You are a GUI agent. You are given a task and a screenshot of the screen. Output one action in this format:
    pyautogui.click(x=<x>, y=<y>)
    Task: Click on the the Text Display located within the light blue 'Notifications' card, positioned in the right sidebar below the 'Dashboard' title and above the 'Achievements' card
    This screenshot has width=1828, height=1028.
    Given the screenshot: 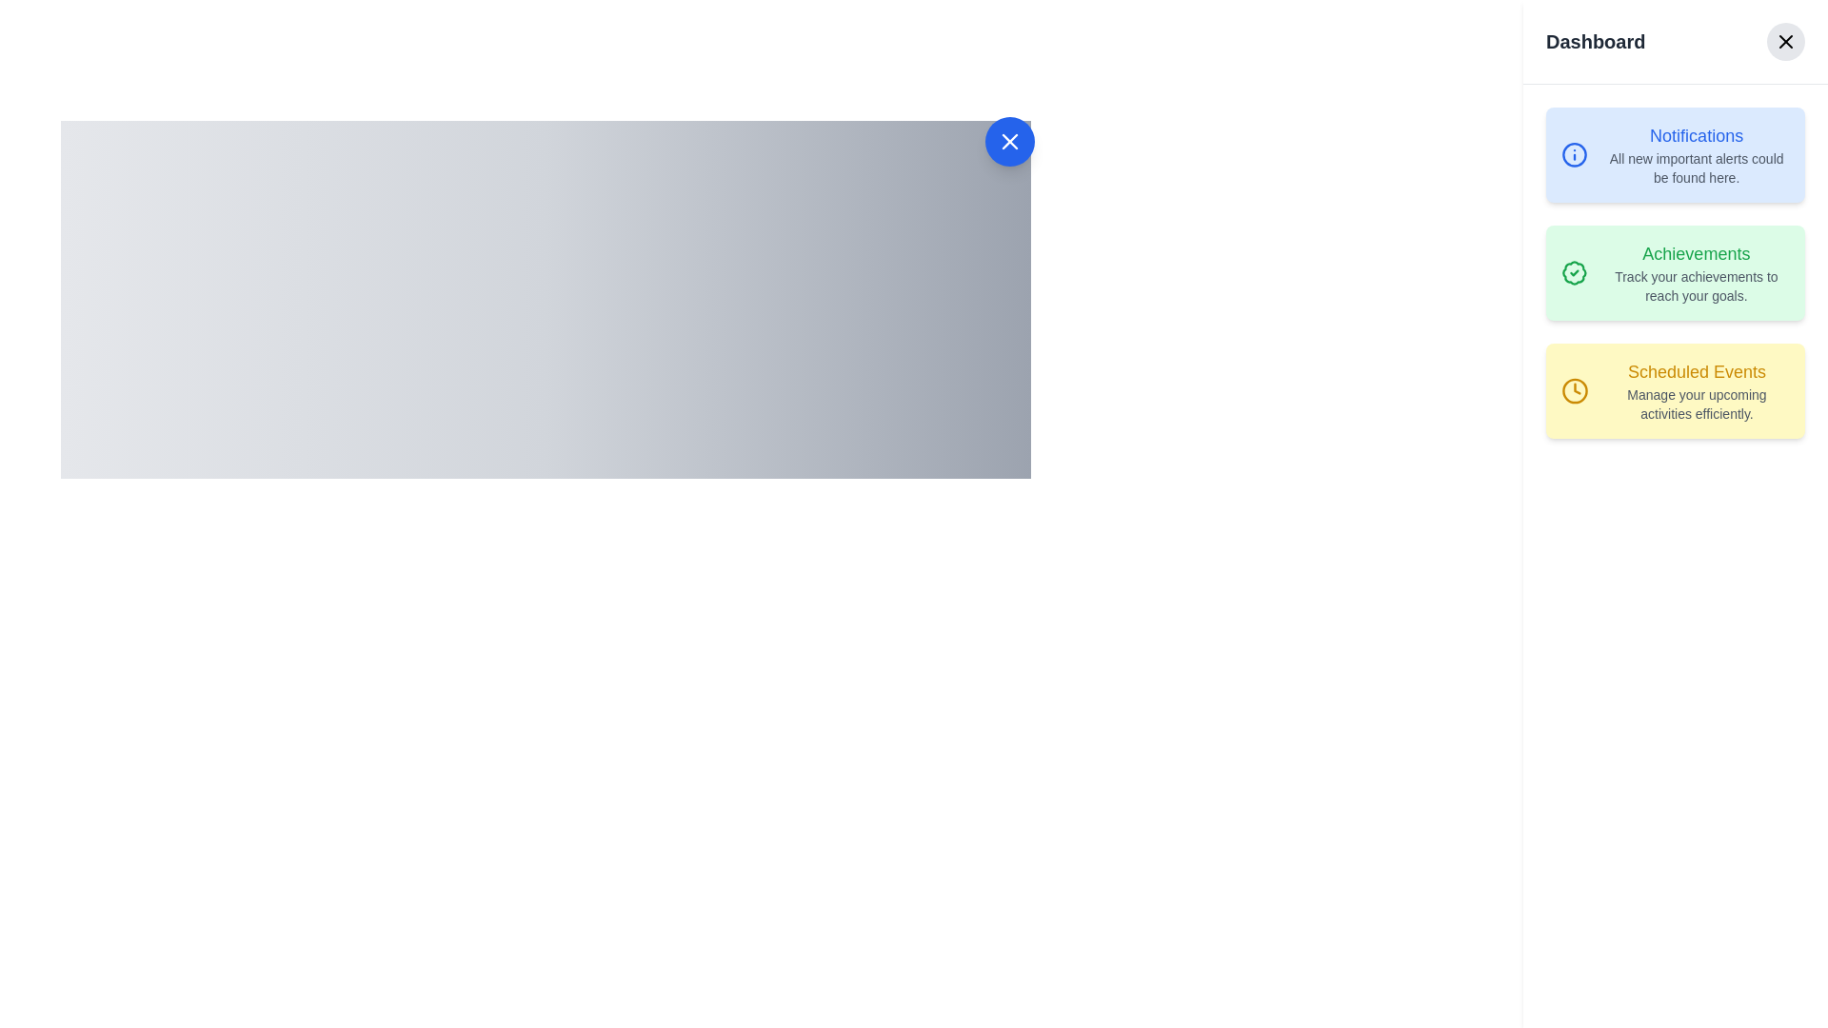 What is the action you would take?
    pyautogui.click(x=1697, y=153)
    